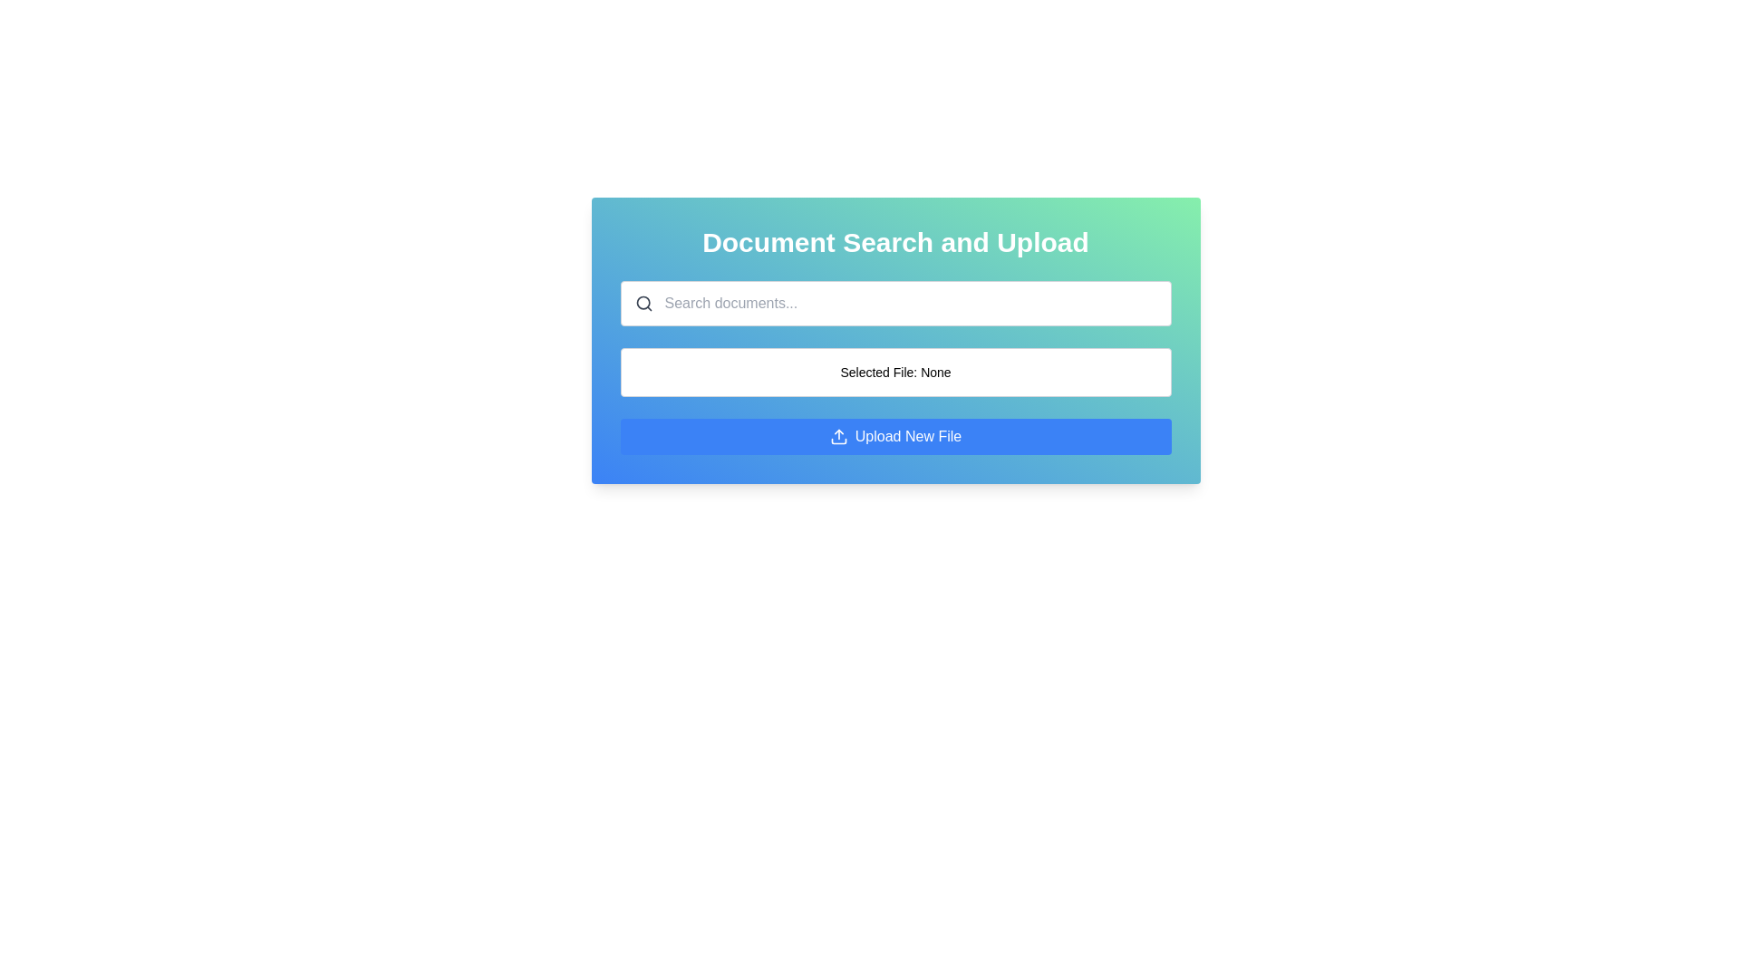 The width and height of the screenshot is (1740, 979). I want to click on the upload icon, which is a small blue upward-pointing arrow icon located at the center of the 'Upload New File' button, so click(837, 437).